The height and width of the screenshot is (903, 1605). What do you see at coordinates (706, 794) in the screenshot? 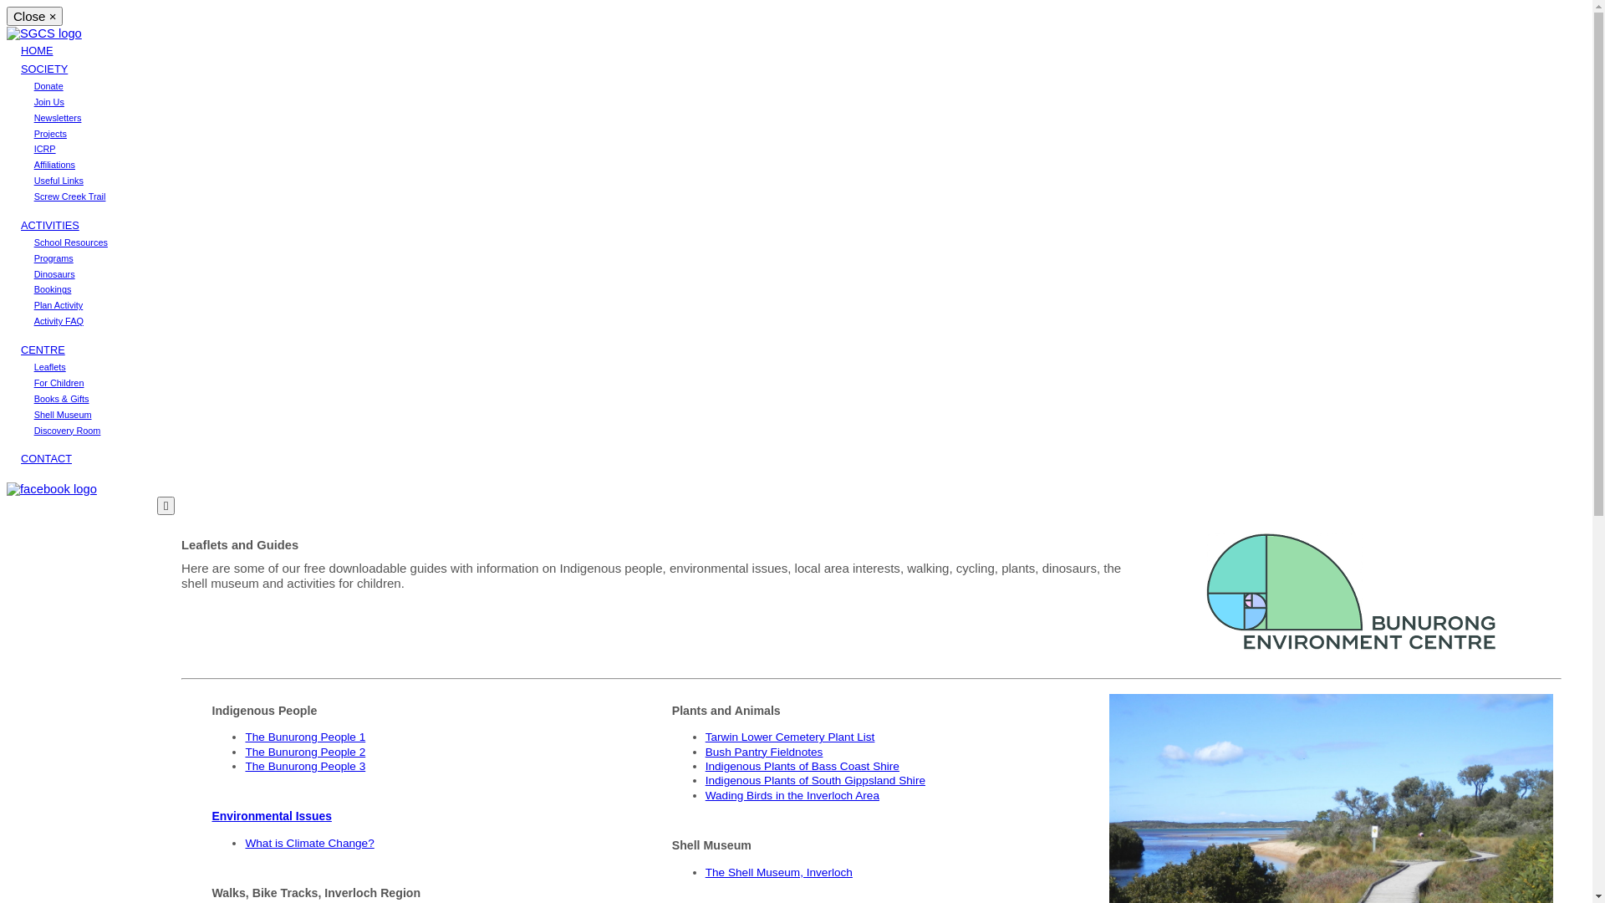
I see `'Wading Birds in the Inverloch Area'` at bounding box center [706, 794].